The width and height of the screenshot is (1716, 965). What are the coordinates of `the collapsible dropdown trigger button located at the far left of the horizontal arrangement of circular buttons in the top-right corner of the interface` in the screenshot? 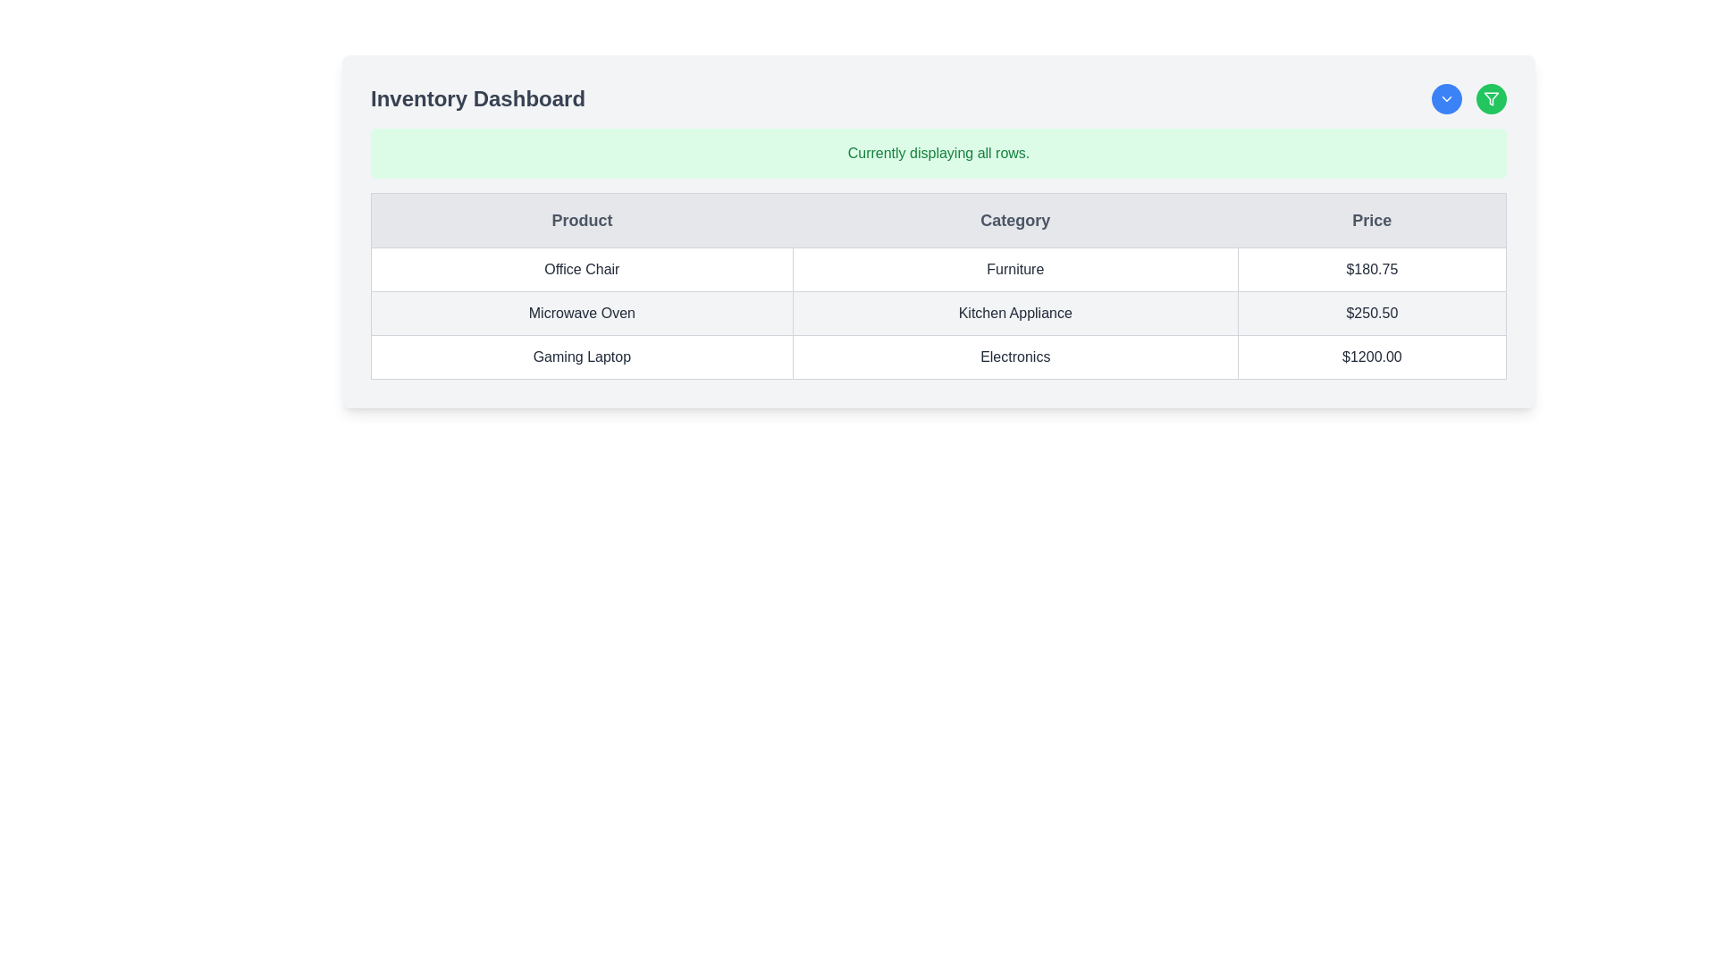 It's located at (1446, 99).